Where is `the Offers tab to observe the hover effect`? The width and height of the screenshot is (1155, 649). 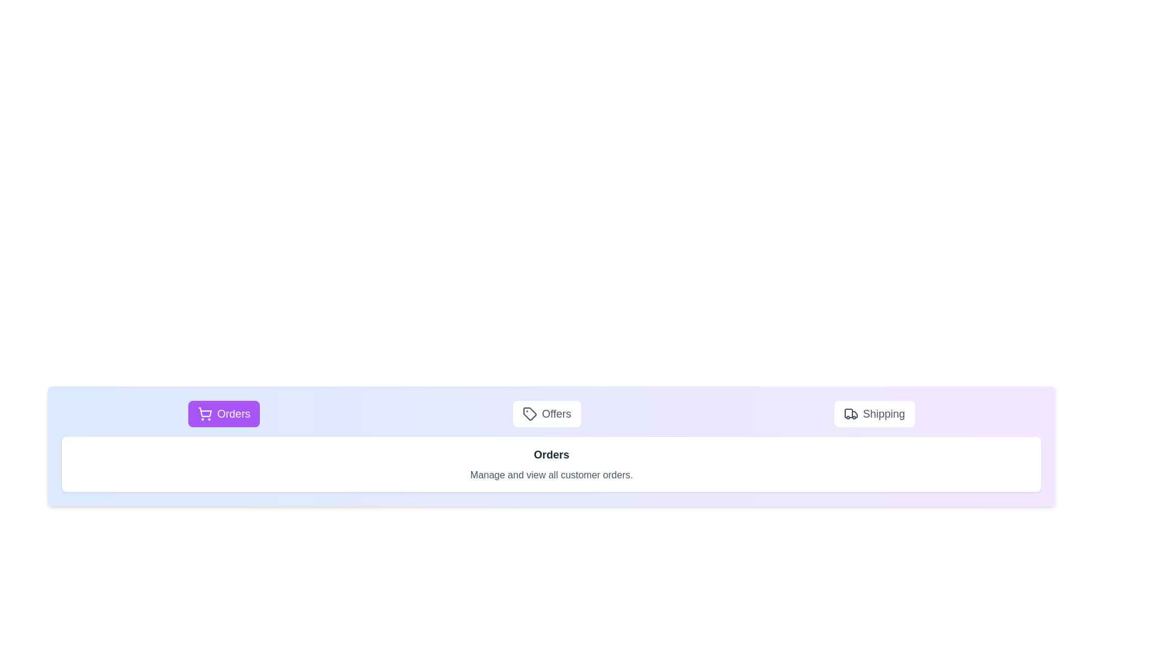
the Offers tab to observe the hover effect is located at coordinates (546, 413).